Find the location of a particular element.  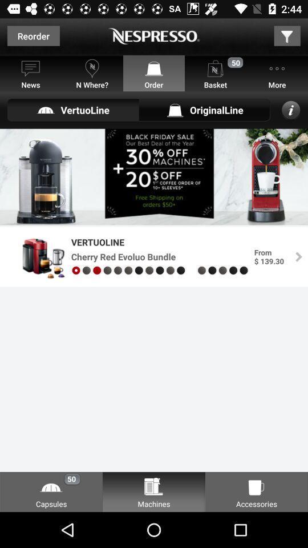

the filter icon is located at coordinates (286, 35).